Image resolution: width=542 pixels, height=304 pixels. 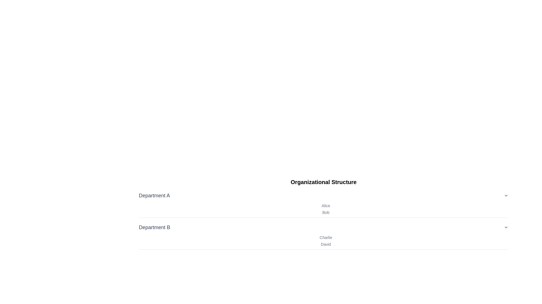 What do you see at coordinates (326, 244) in the screenshot?
I see `the text element displaying the name 'David' located under 'Department B', directly below 'Charlie'` at bounding box center [326, 244].